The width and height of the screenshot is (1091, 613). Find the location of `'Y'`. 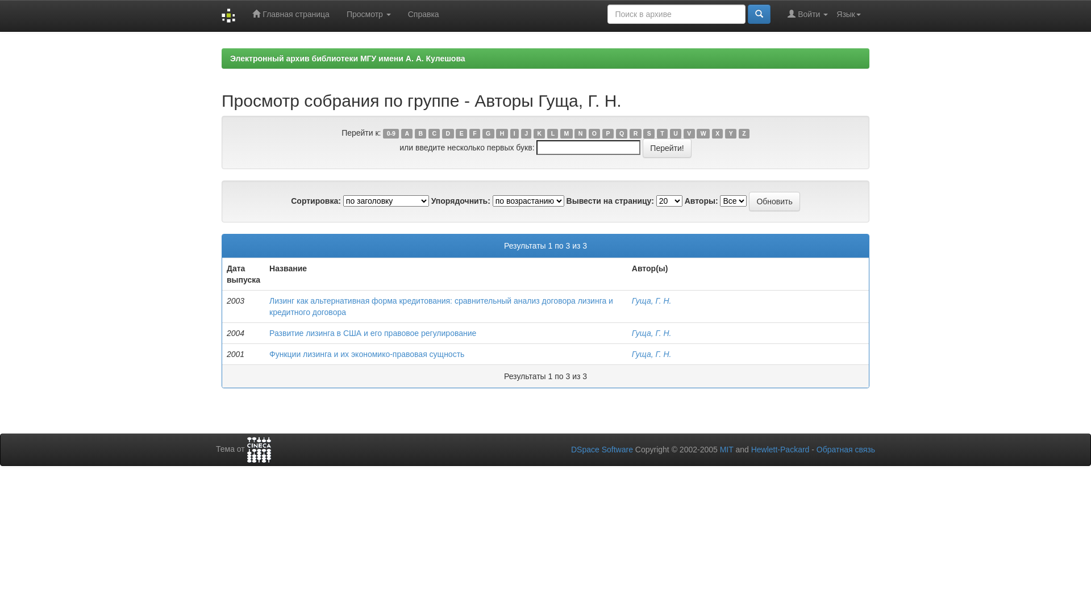

'Y' is located at coordinates (731, 133).